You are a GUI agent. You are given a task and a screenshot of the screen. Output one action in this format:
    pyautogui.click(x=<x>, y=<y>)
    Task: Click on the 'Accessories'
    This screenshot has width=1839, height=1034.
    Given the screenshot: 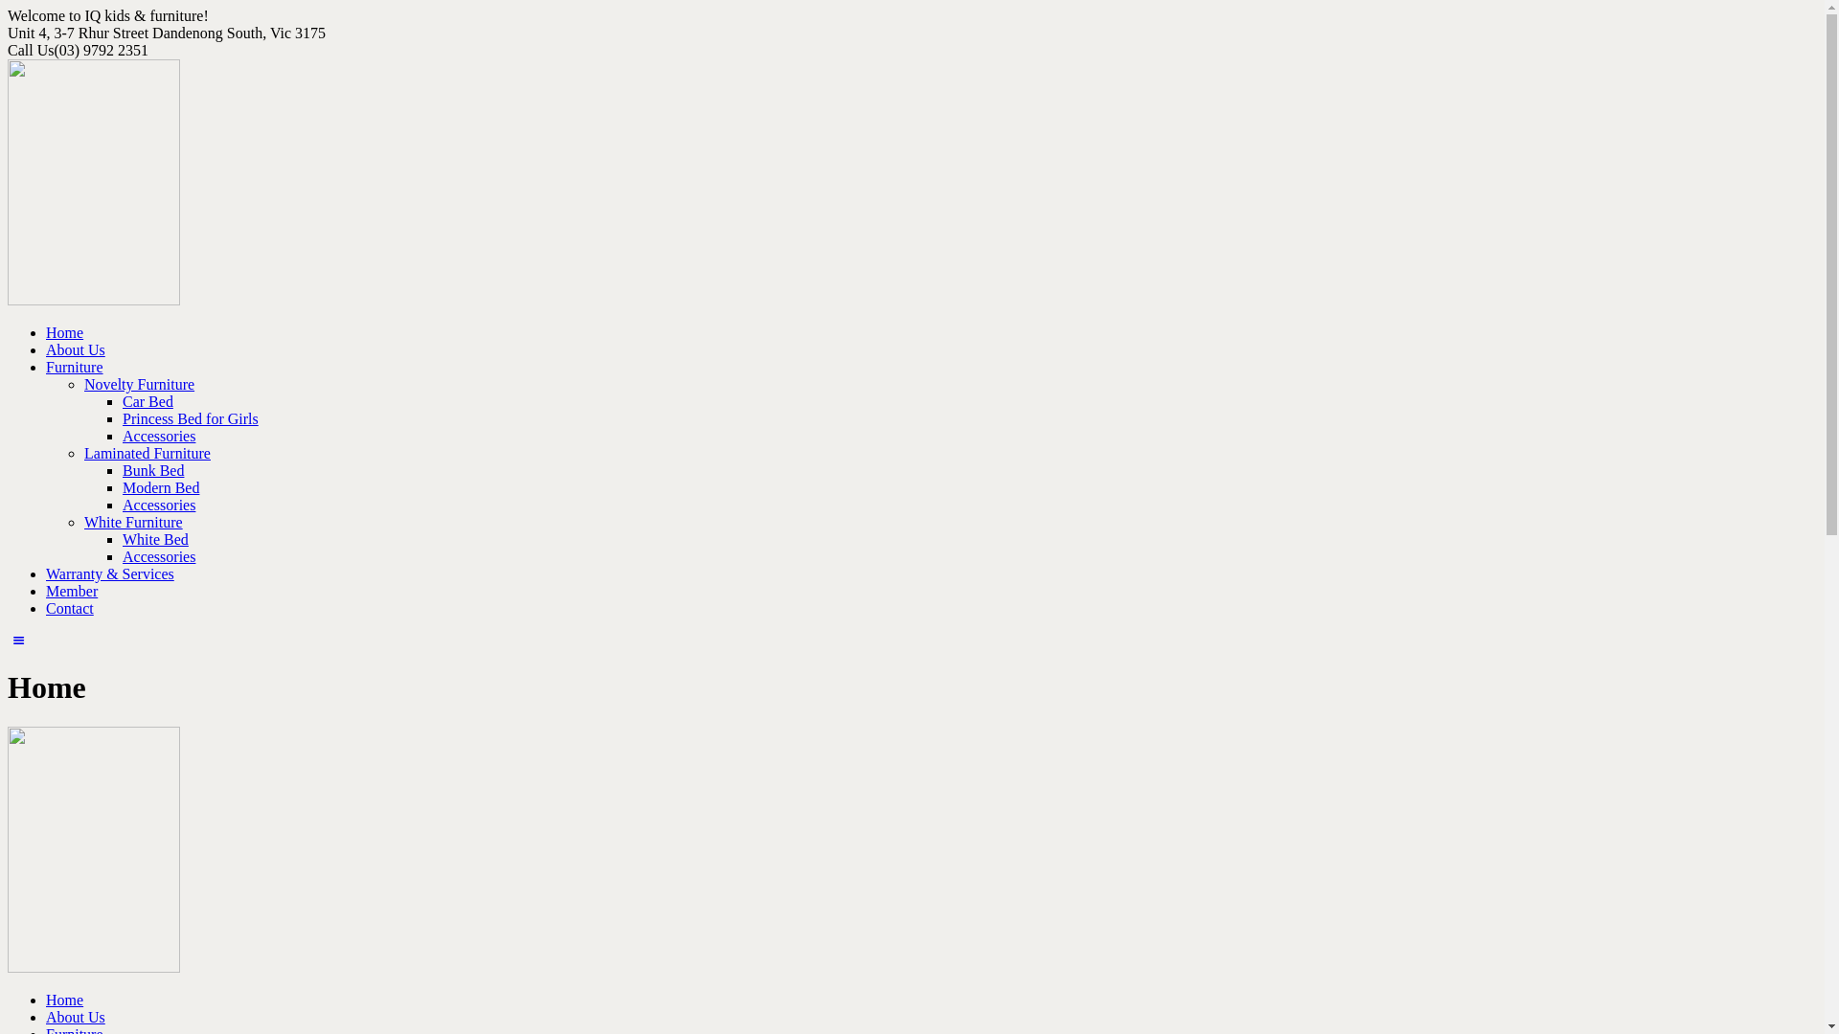 What is the action you would take?
    pyautogui.click(x=122, y=436)
    